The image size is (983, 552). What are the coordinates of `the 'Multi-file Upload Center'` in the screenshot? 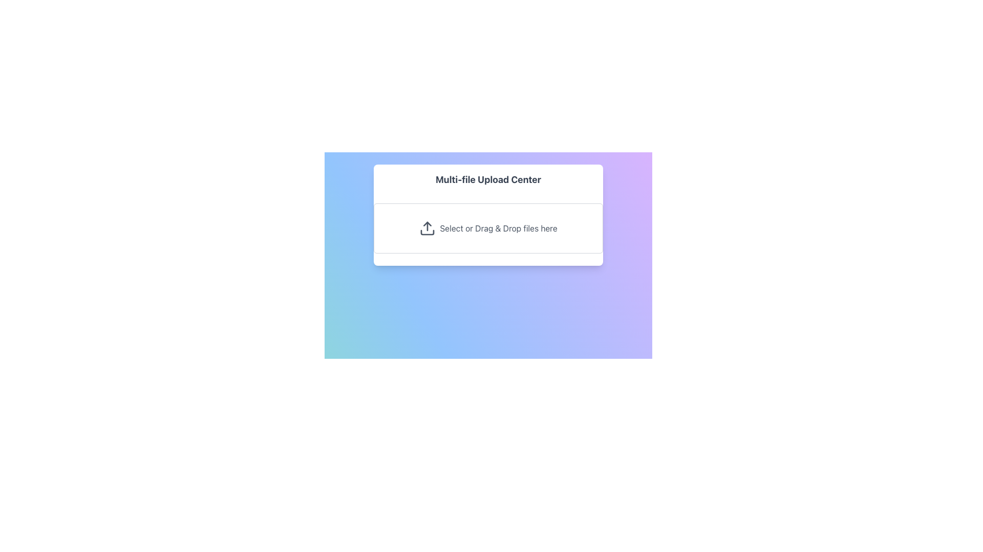 It's located at (488, 214).